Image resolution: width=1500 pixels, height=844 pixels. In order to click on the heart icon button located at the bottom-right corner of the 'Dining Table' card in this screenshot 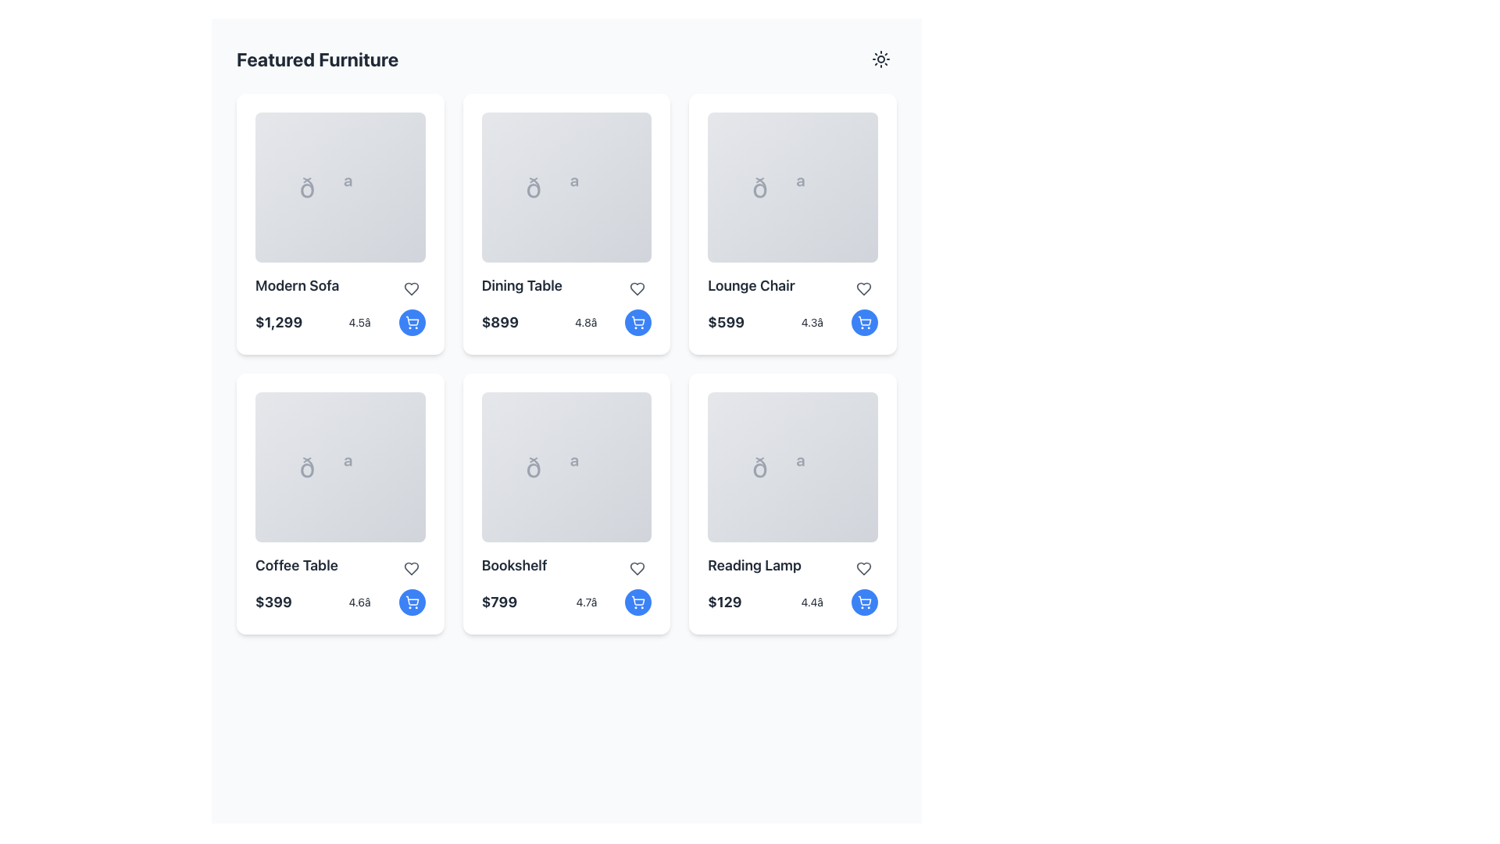, I will do `click(637, 289)`.